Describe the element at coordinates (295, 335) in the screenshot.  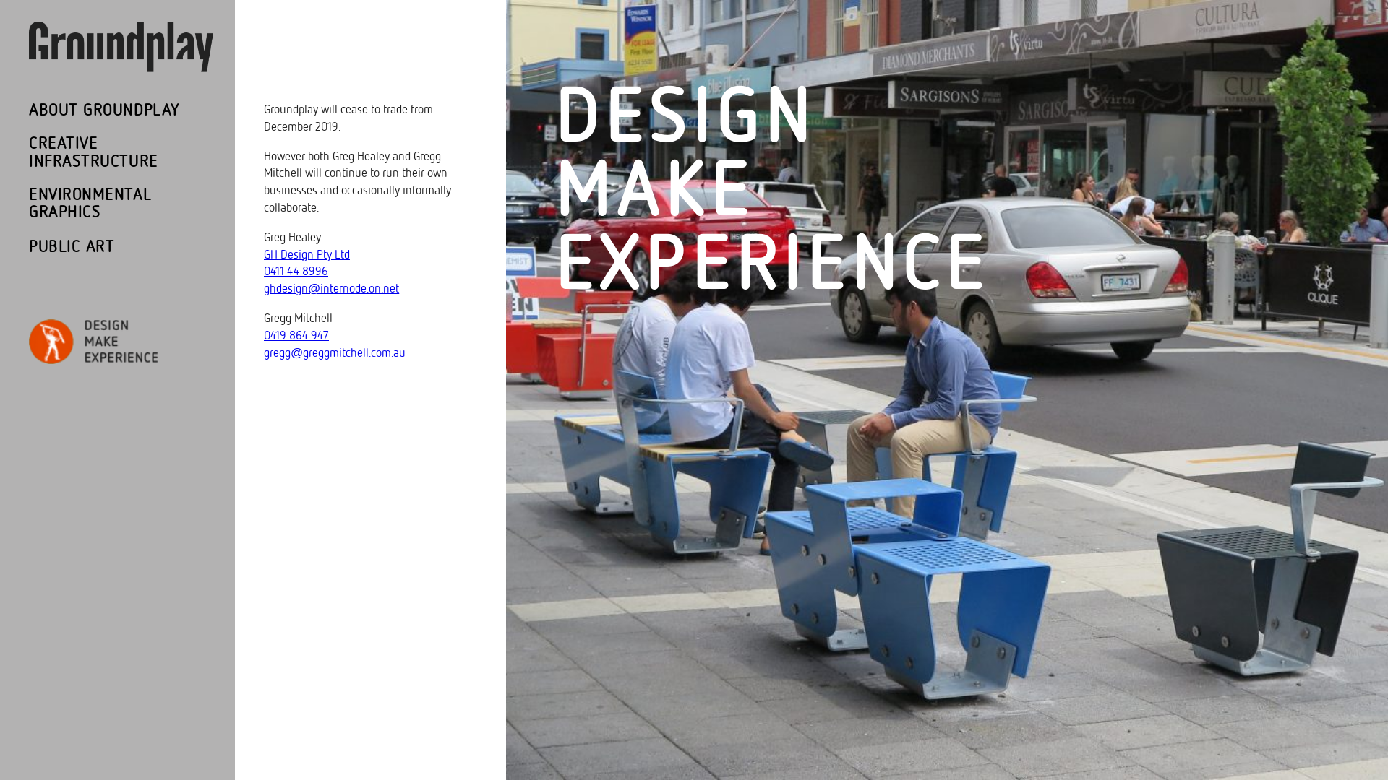
I see `'0419 864 947'` at that location.